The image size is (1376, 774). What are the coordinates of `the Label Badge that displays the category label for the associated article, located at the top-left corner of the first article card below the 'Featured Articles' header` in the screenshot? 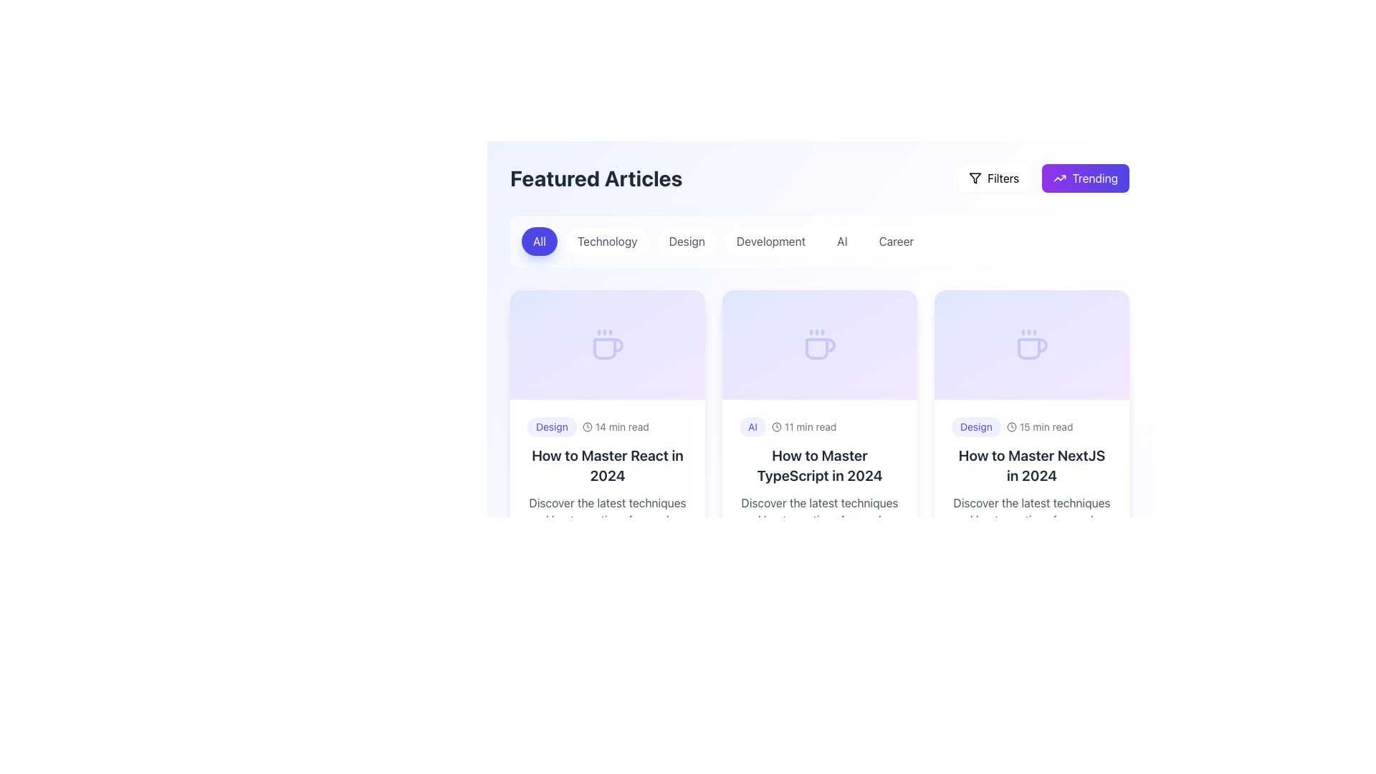 It's located at (551, 426).